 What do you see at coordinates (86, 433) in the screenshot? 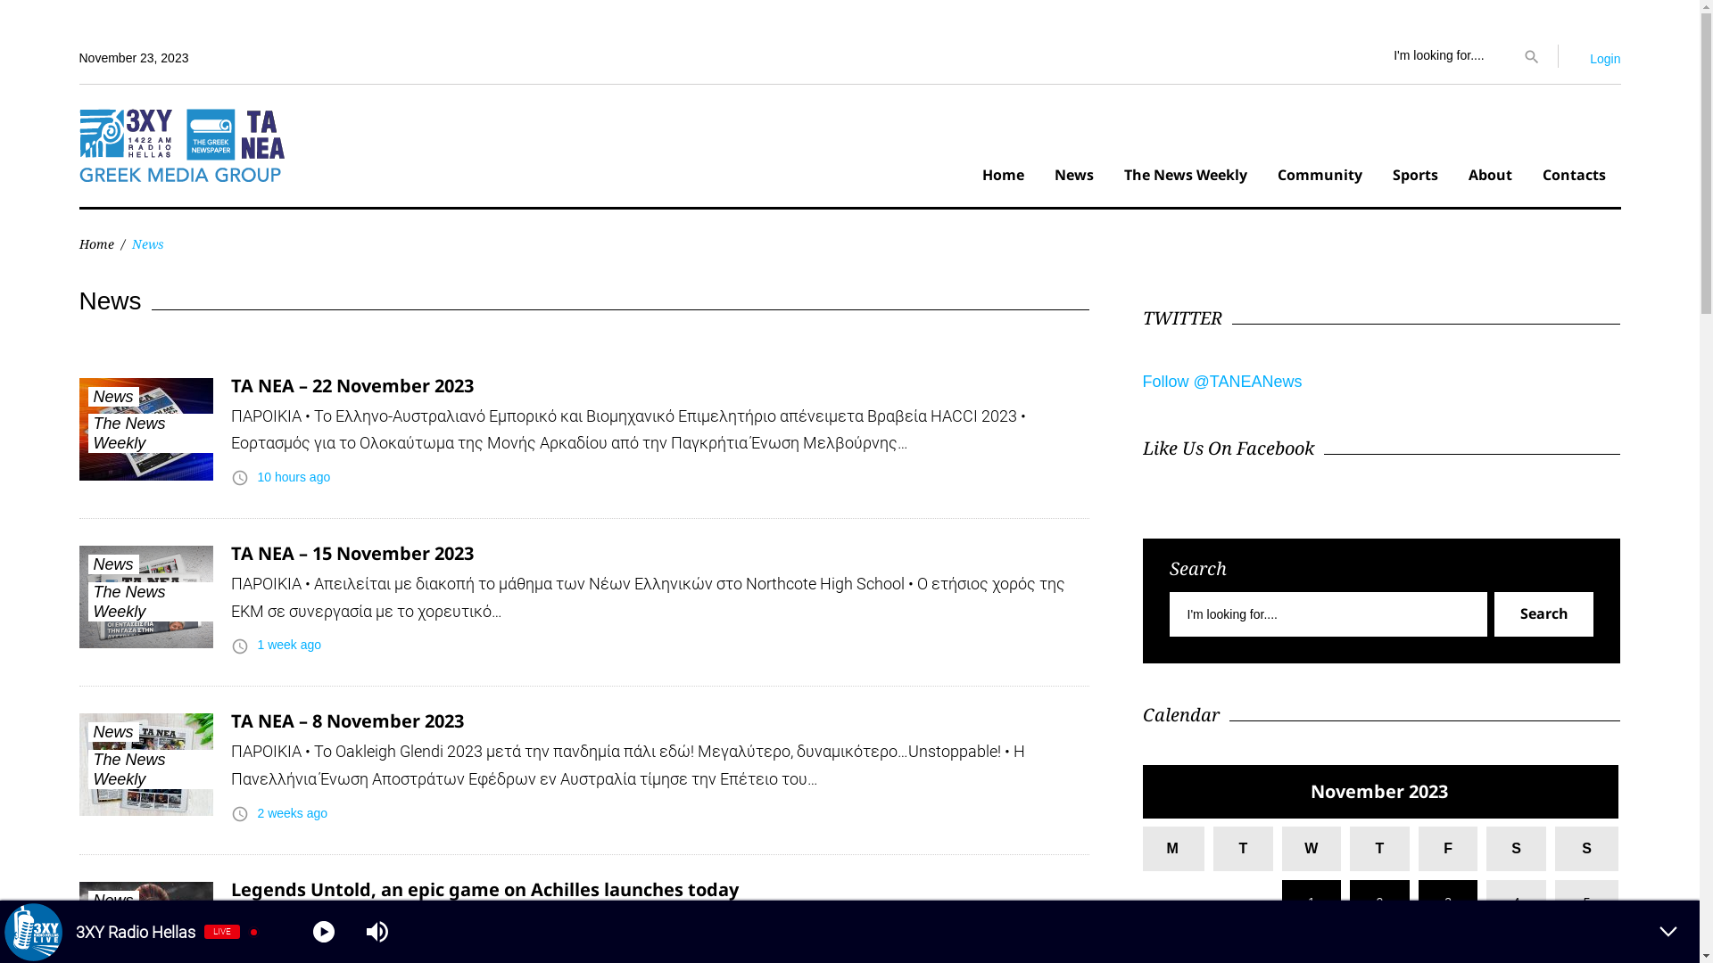
I see `'The News Weekly'` at bounding box center [86, 433].